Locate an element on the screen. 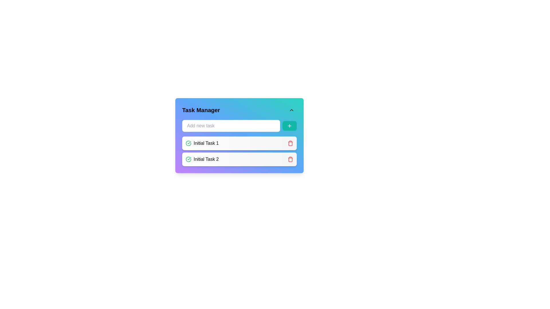 Image resolution: width=550 pixels, height=309 pixels. the green circular icon with a checkmark that symbolizes task completion, located to the left of the text 'Initial Task 2' is located at coordinates (188, 159).